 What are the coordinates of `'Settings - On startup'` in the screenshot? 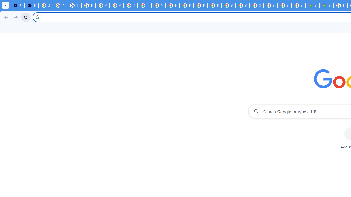 It's located at (17, 5).